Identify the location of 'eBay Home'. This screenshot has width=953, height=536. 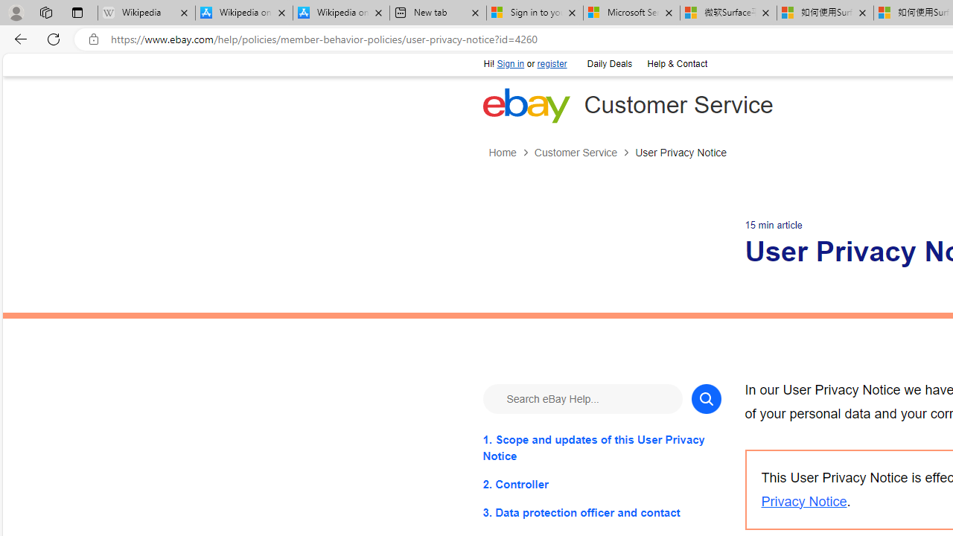
(526, 104).